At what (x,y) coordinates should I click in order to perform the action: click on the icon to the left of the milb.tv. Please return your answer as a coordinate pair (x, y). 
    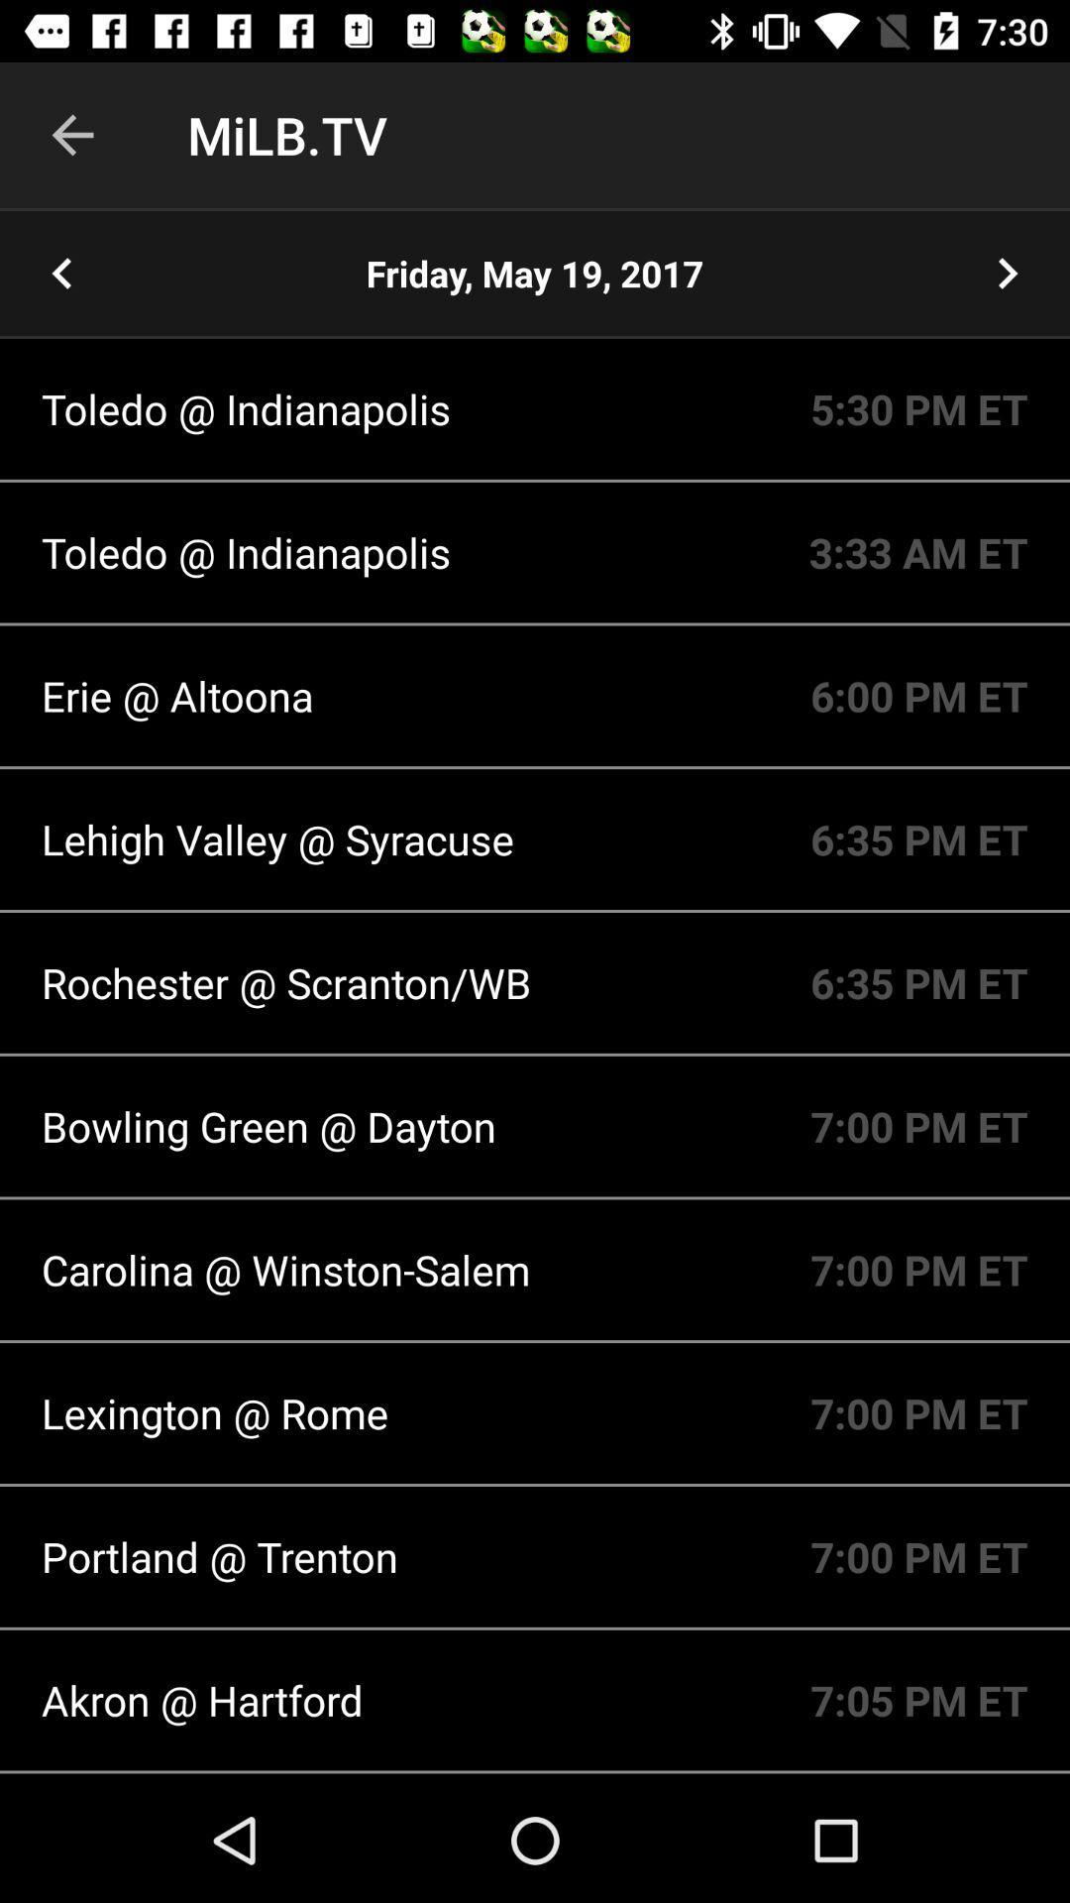
    Looking at the image, I should click on (71, 134).